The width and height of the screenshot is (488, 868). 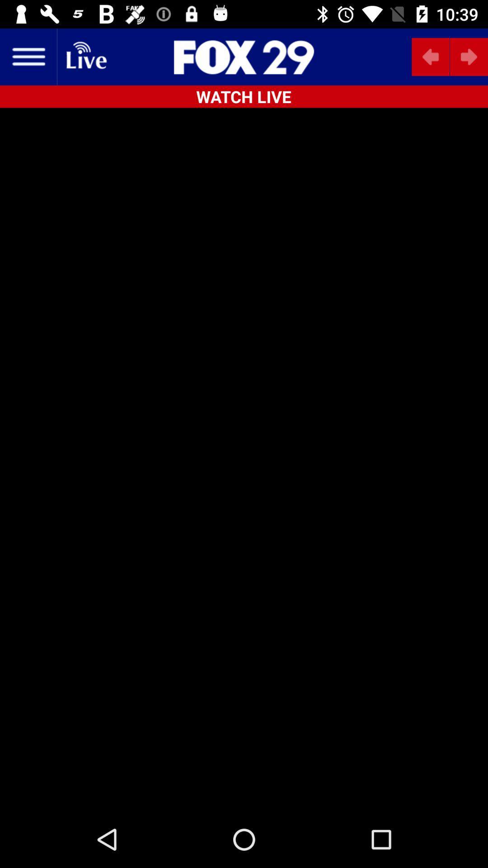 What do you see at coordinates (28, 56) in the screenshot?
I see `the menu icon` at bounding box center [28, 56].